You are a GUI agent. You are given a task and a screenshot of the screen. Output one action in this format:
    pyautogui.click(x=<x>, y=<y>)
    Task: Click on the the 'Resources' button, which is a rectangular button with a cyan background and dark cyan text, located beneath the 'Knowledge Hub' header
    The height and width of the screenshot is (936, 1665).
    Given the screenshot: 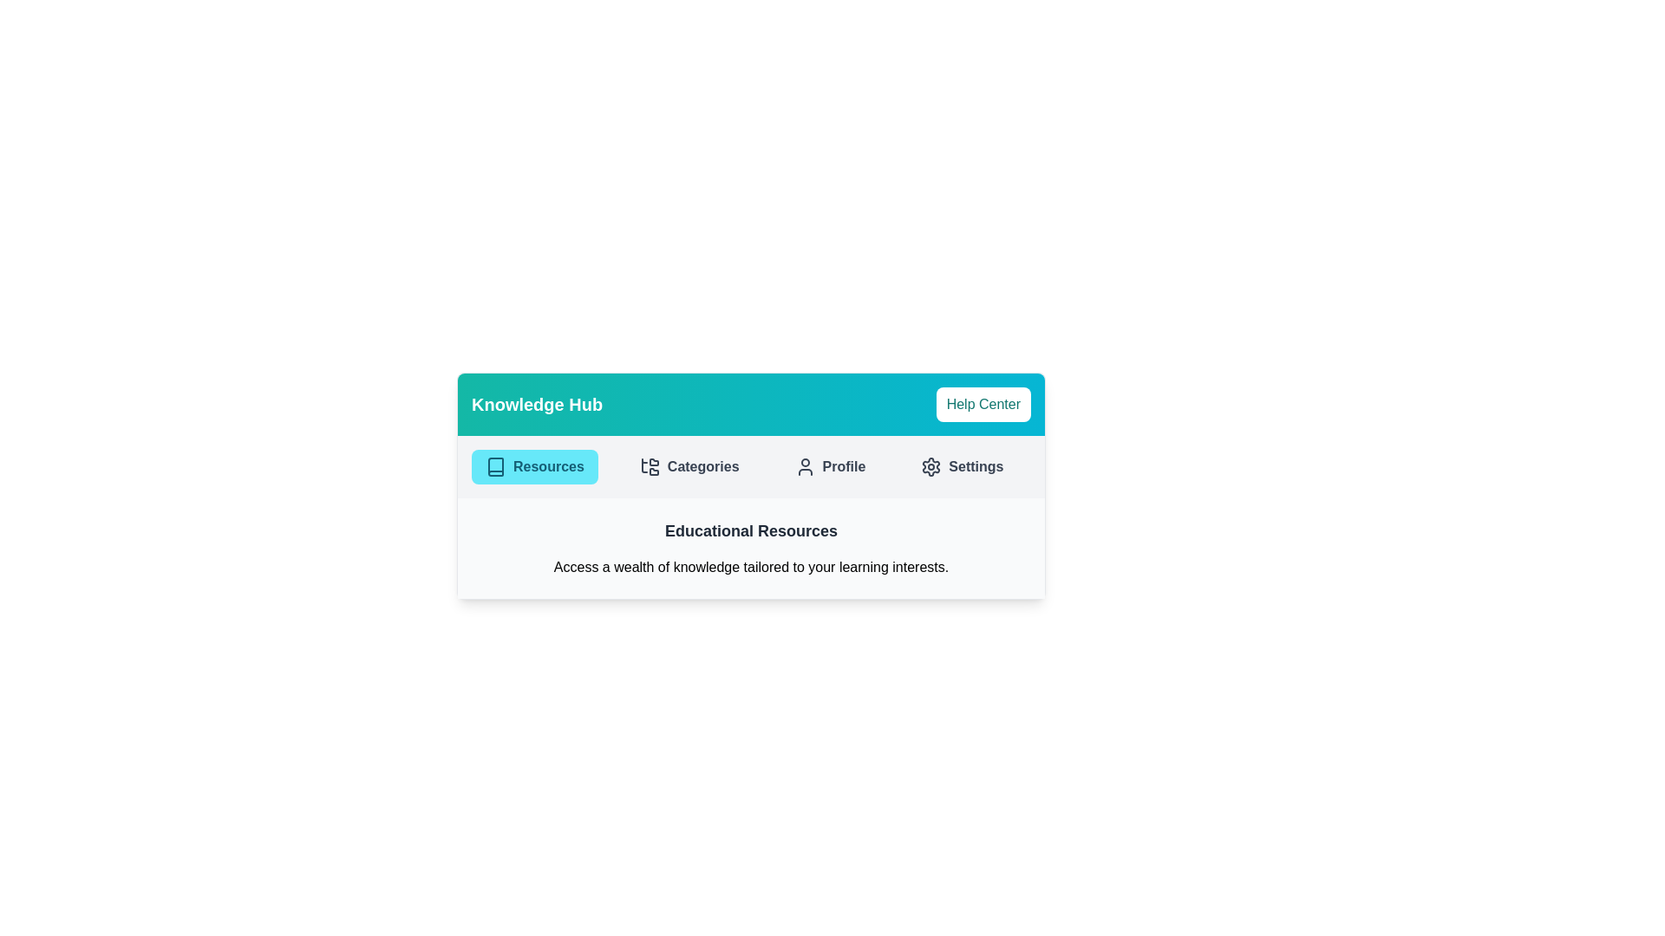 What is the action you would take?
    pyautogui.click(x=533, y=466)
    